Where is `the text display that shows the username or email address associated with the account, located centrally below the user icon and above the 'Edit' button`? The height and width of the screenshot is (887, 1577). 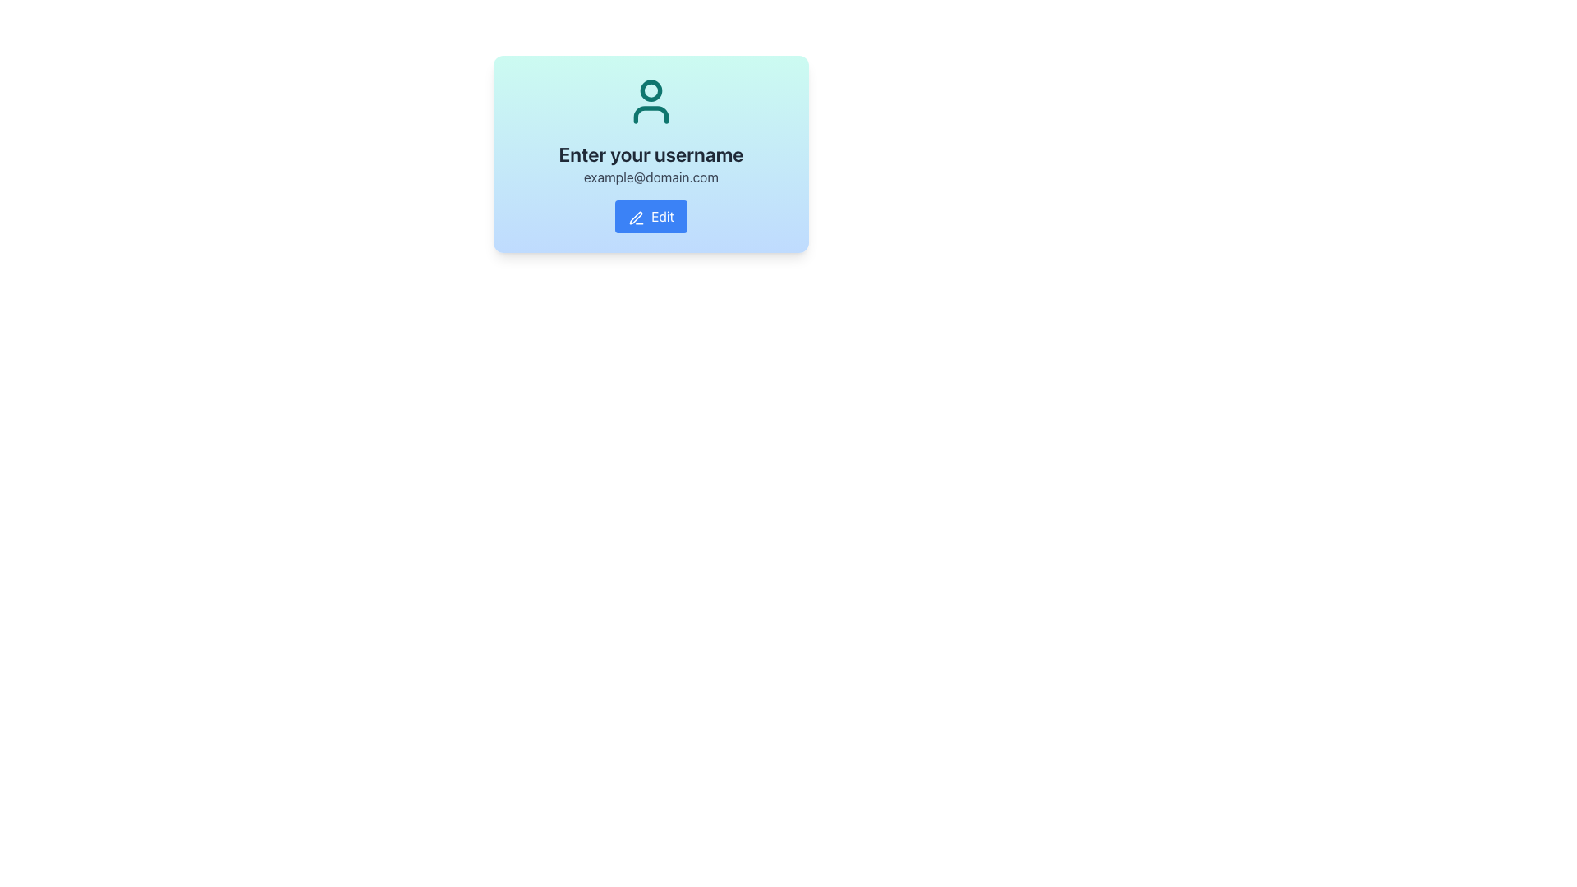
the text display that shows the username or email address associated with the account, located centrally below the user icon and above the 'Edit' button is located at coordinates (650, 186).